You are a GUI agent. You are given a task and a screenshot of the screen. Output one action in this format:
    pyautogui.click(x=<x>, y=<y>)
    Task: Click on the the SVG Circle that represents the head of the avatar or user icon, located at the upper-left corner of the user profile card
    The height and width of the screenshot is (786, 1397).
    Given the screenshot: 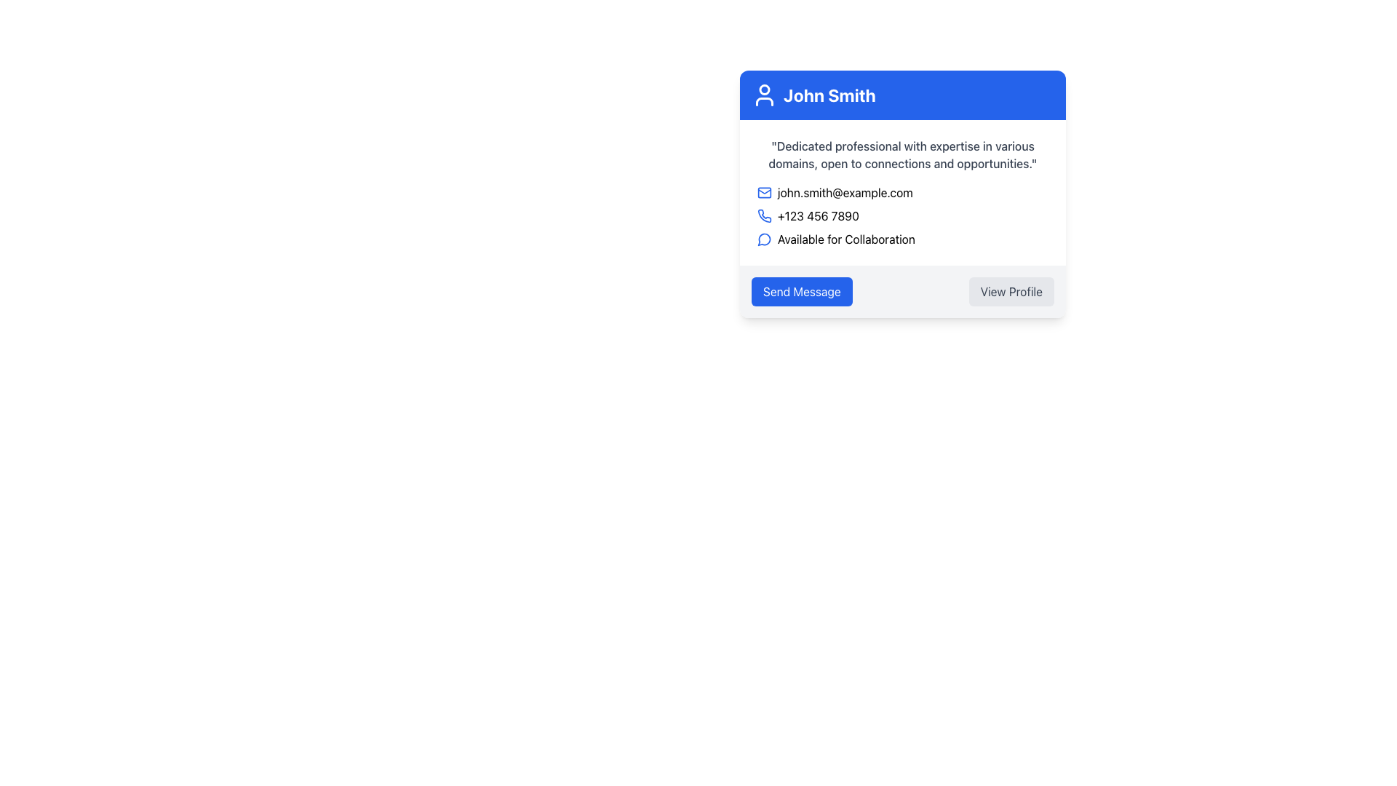 What is the action you would take?
    pyautogui.click(x=764, y=90)
    